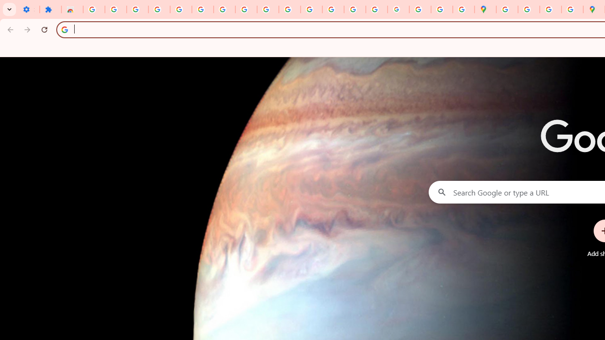  I want to click on 'Sign in - Google Accounts', so click(94, 9).